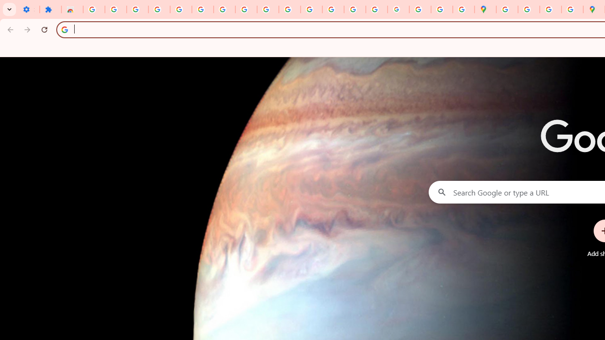  I want to click on 'Sign in - Google Accounts', so click(94, 9).